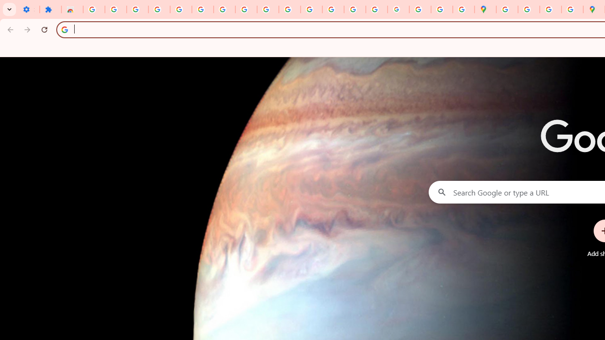  I want to click on 'Sign in - Google Accounts', so click(94, 9).